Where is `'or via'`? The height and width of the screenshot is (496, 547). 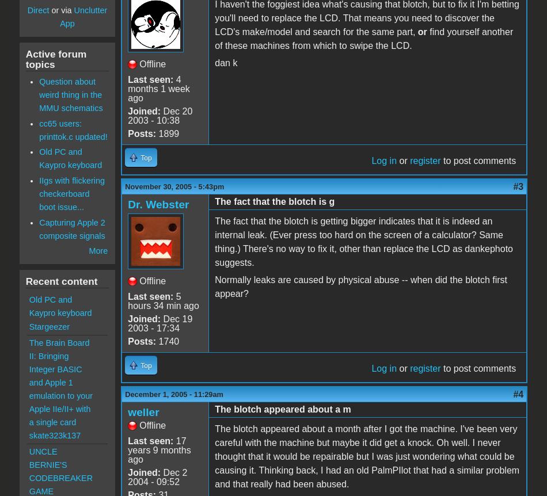
'or via' is located at coordinates (61, 10).